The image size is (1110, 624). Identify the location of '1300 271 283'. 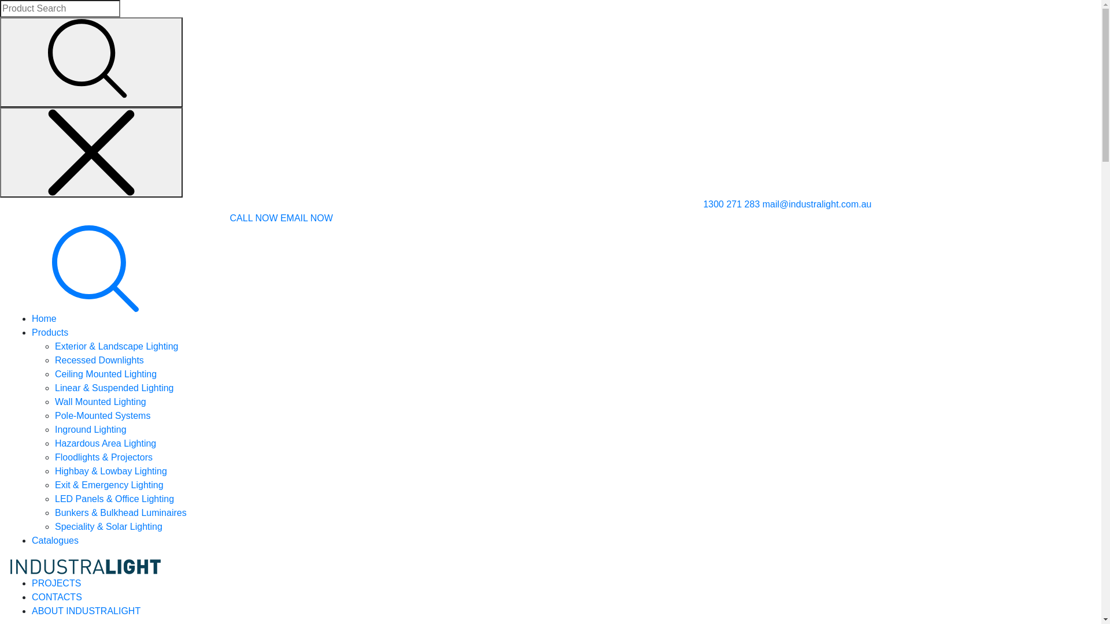
(731, 203).